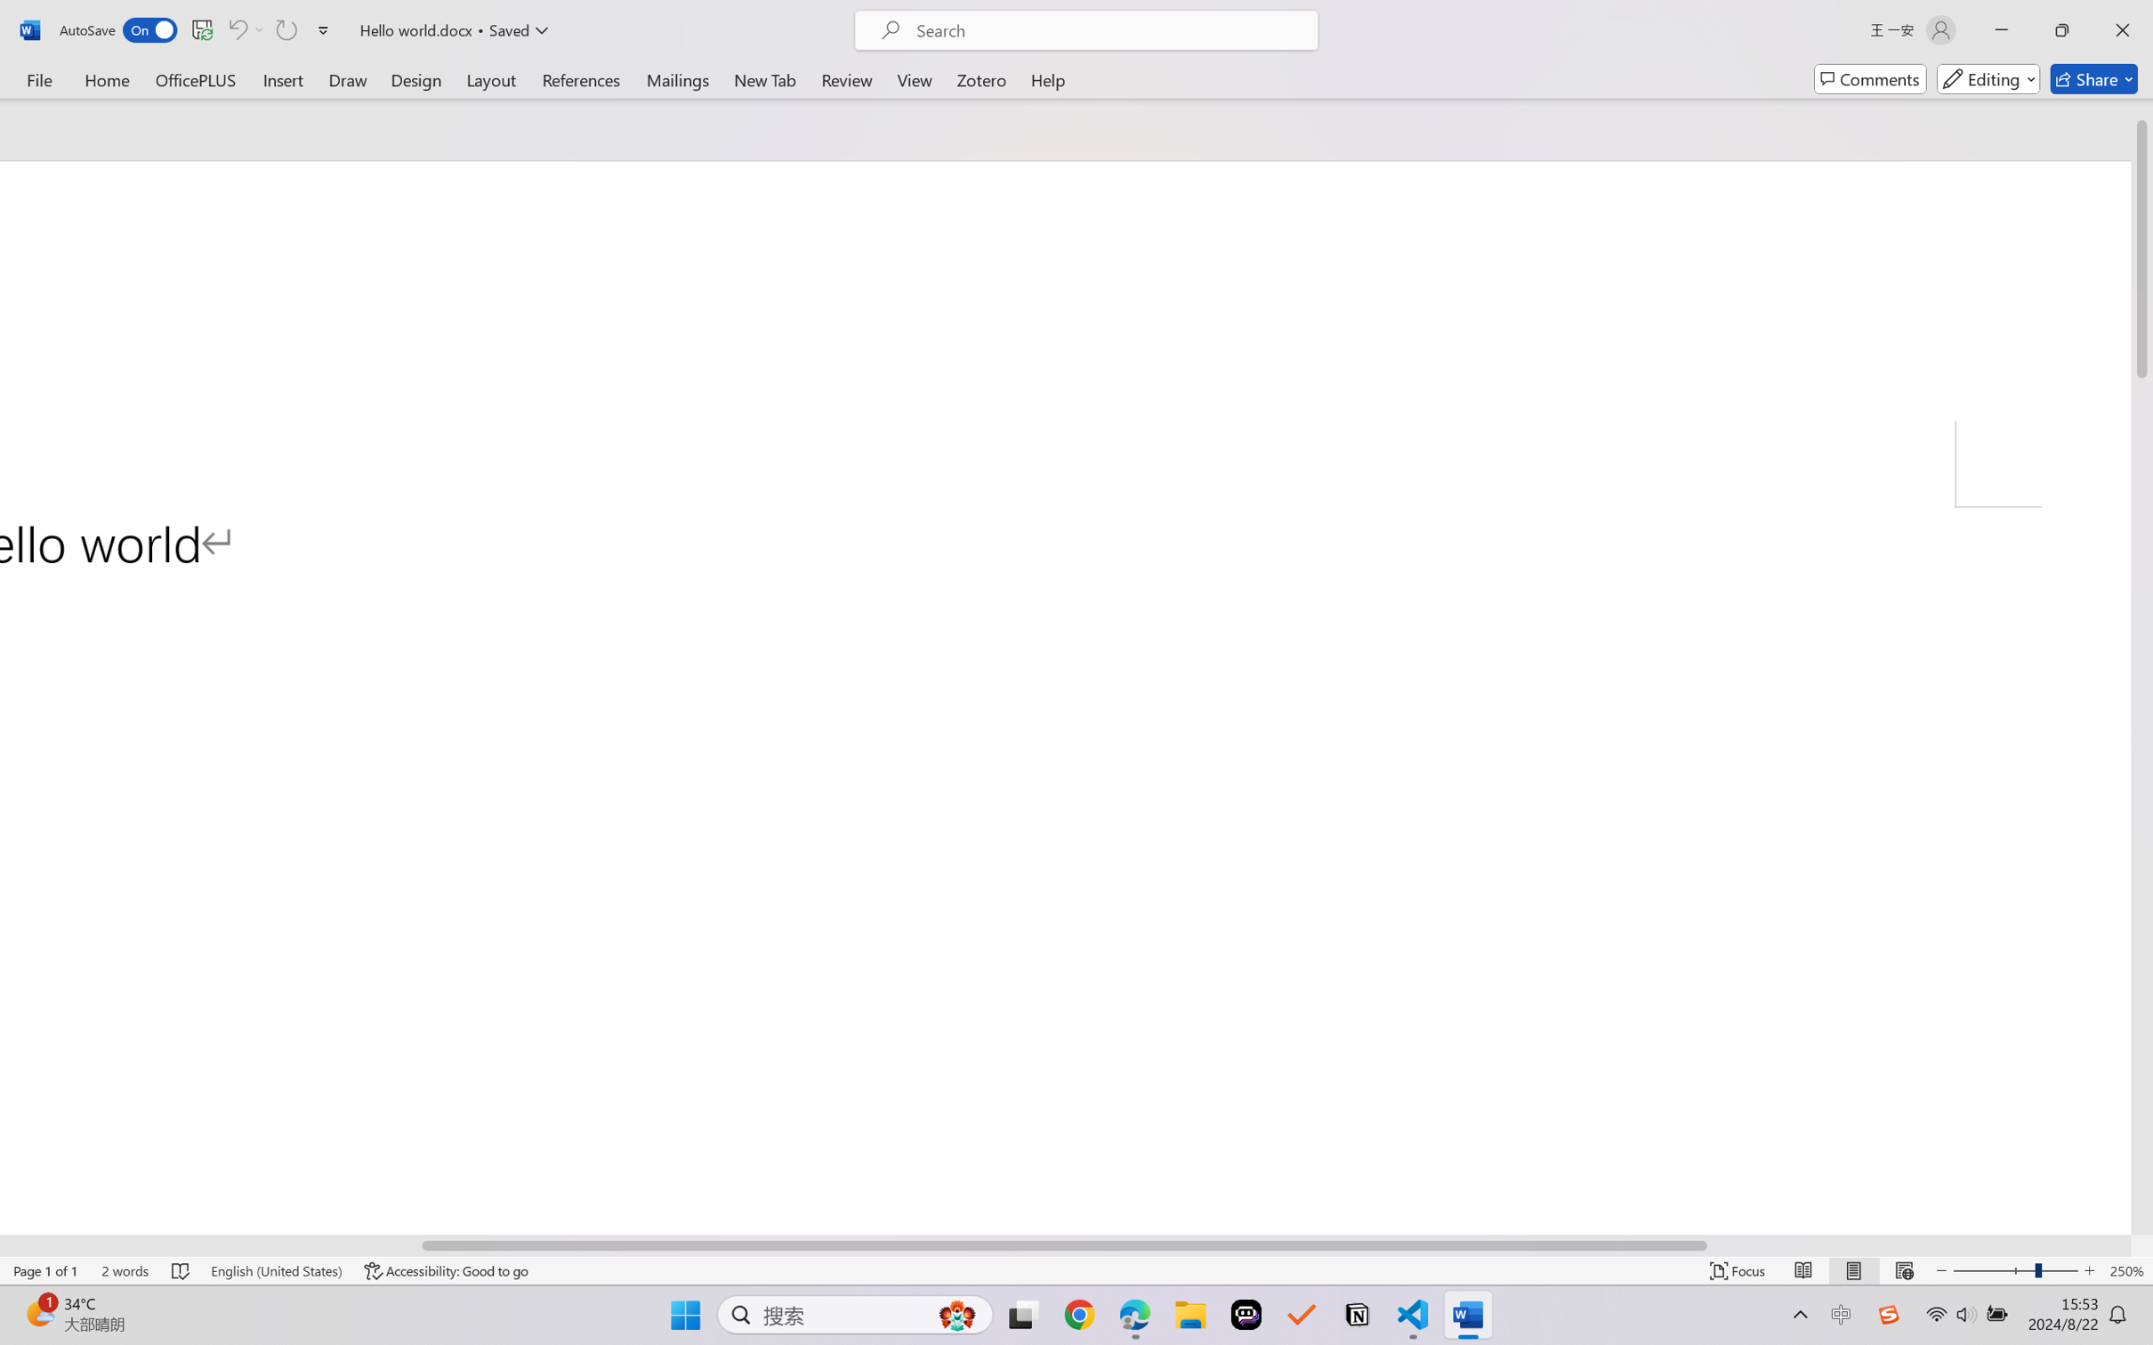 The image size is (2153, 1345). What do you see at coordinates (1903, 1270) in the screenshot?
I see `'Web Layout'` at bounding box center [1903, 1270].